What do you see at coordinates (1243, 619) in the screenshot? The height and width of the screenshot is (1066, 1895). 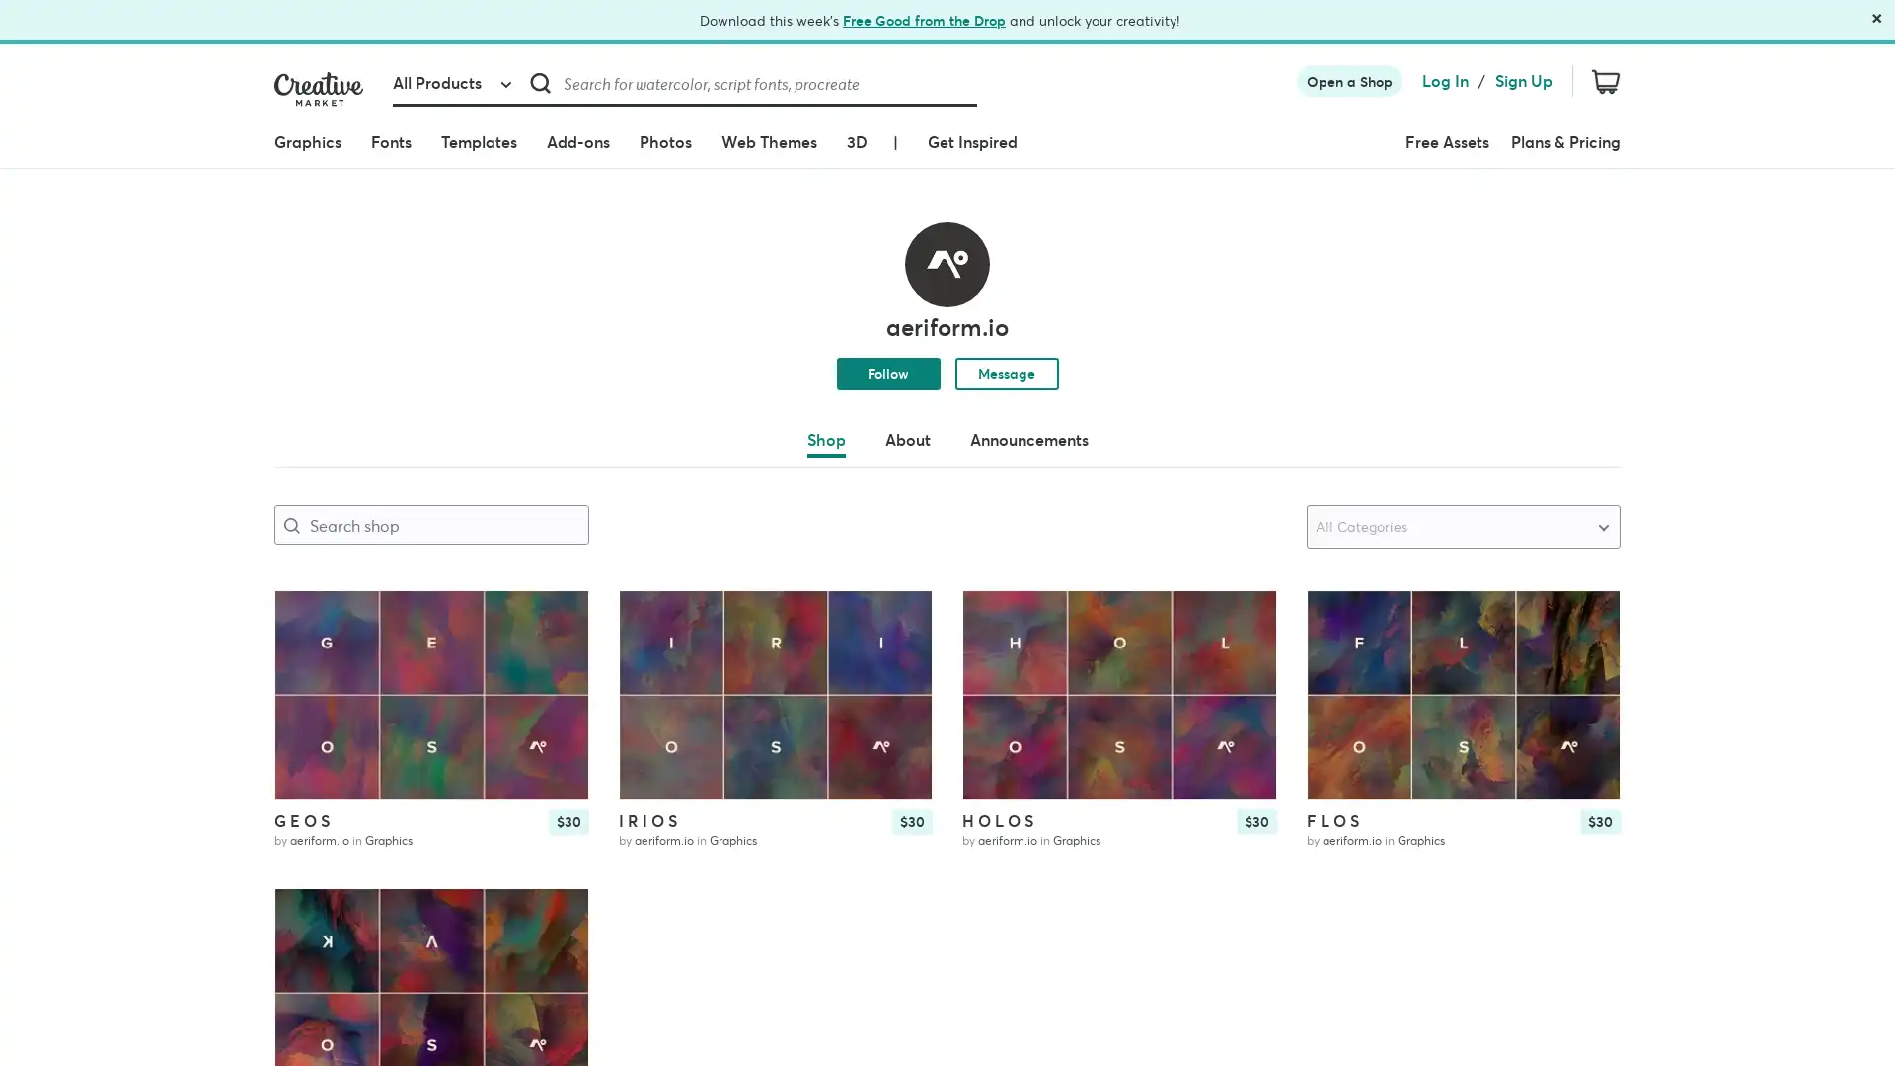 I see `Like` at bounding box center [1243, 619].